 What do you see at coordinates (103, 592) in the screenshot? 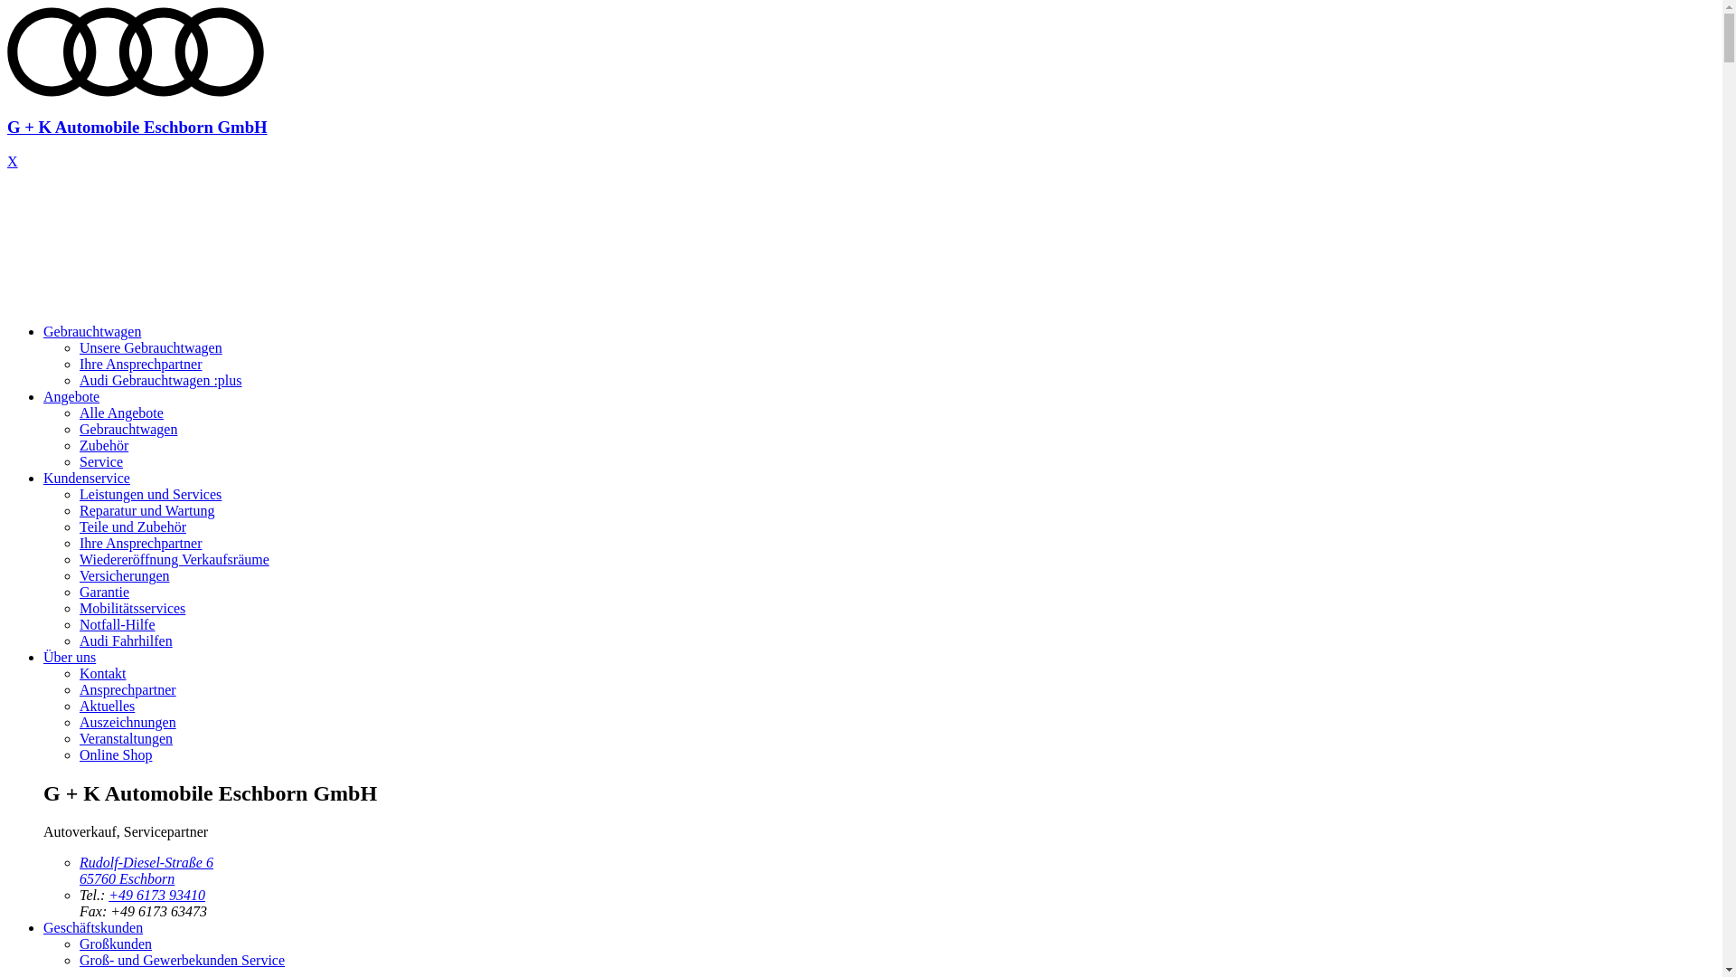
I see `'Garantie'` at bounding box center [103, 592].